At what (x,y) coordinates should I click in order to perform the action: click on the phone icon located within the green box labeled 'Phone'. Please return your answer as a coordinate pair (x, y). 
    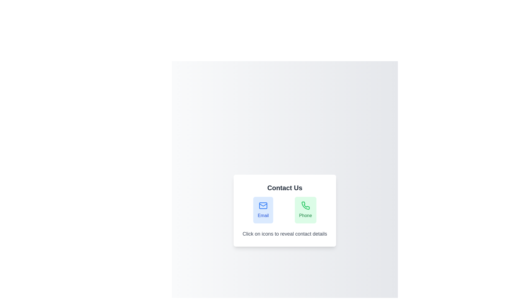
    Looking at the image, I should click on (305, 206).